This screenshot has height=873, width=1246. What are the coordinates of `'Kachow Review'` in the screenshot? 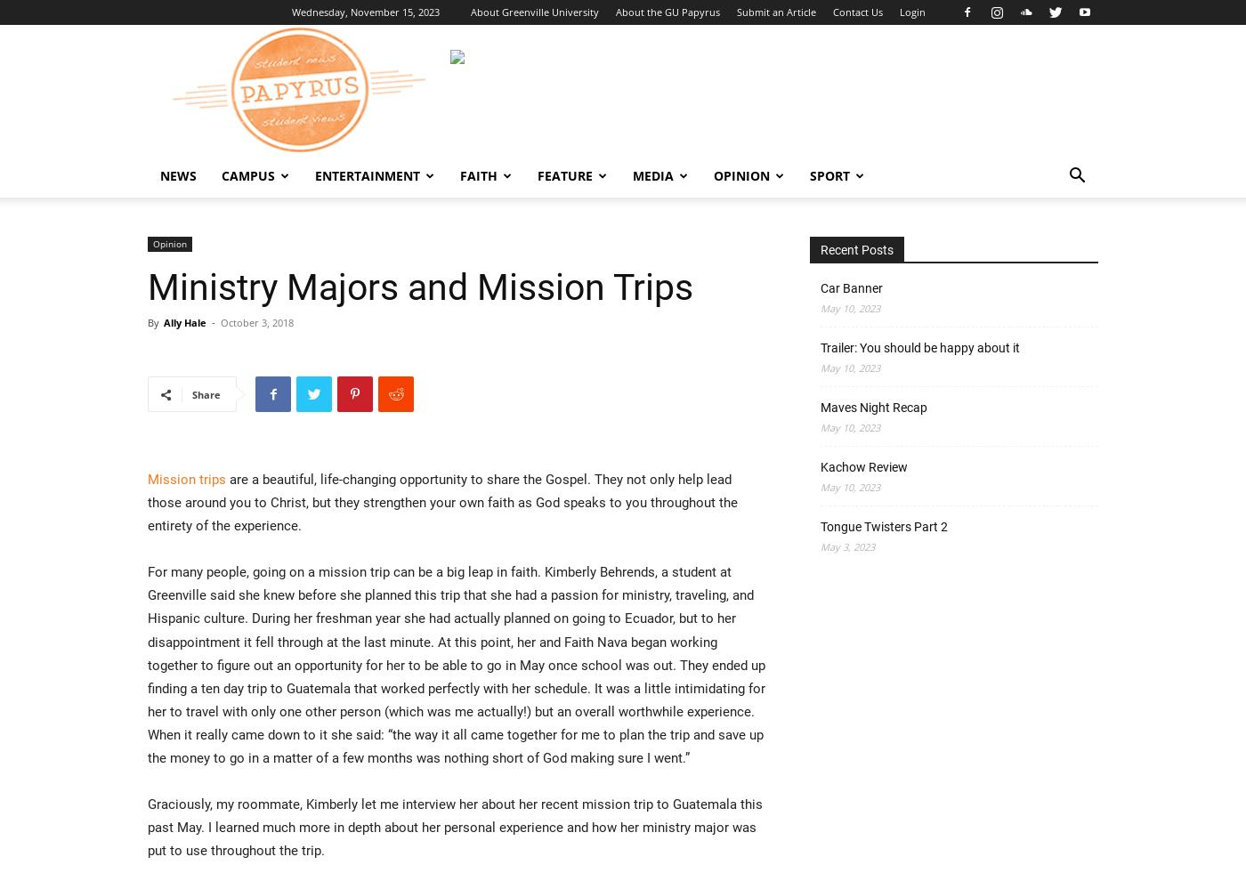 It's located at (864, 467).